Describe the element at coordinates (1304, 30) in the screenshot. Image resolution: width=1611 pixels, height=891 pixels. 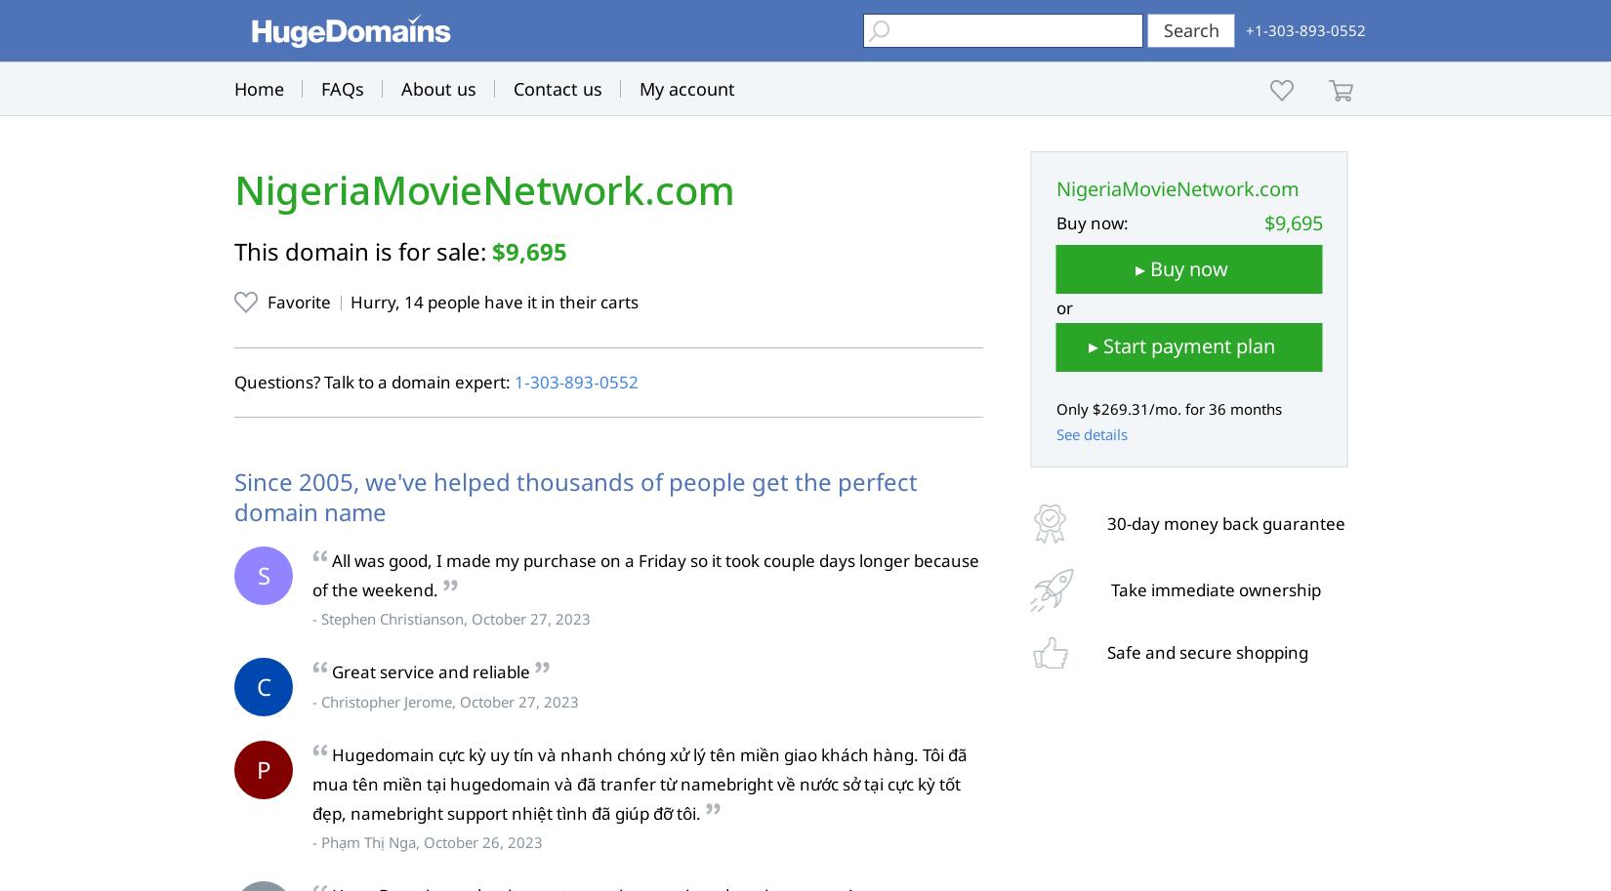
I see `'+1-303-893-0552'` at that location.